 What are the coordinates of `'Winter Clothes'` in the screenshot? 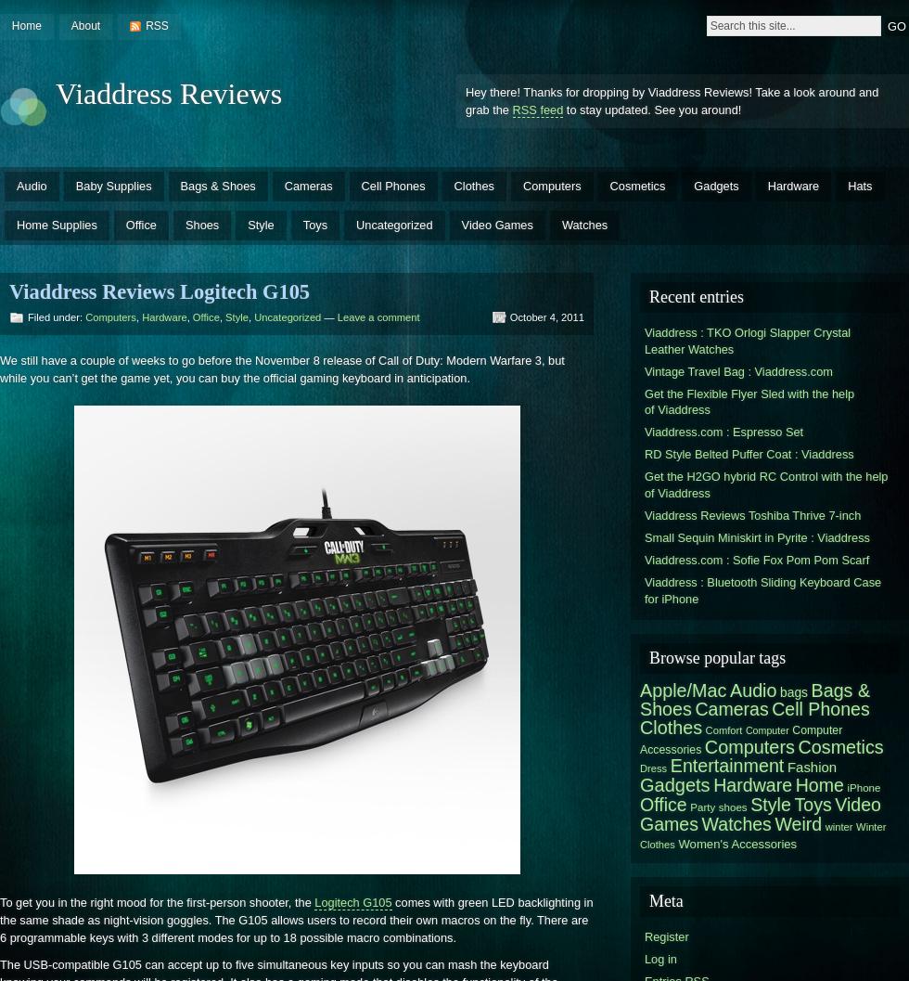 It's located at (640, 834).